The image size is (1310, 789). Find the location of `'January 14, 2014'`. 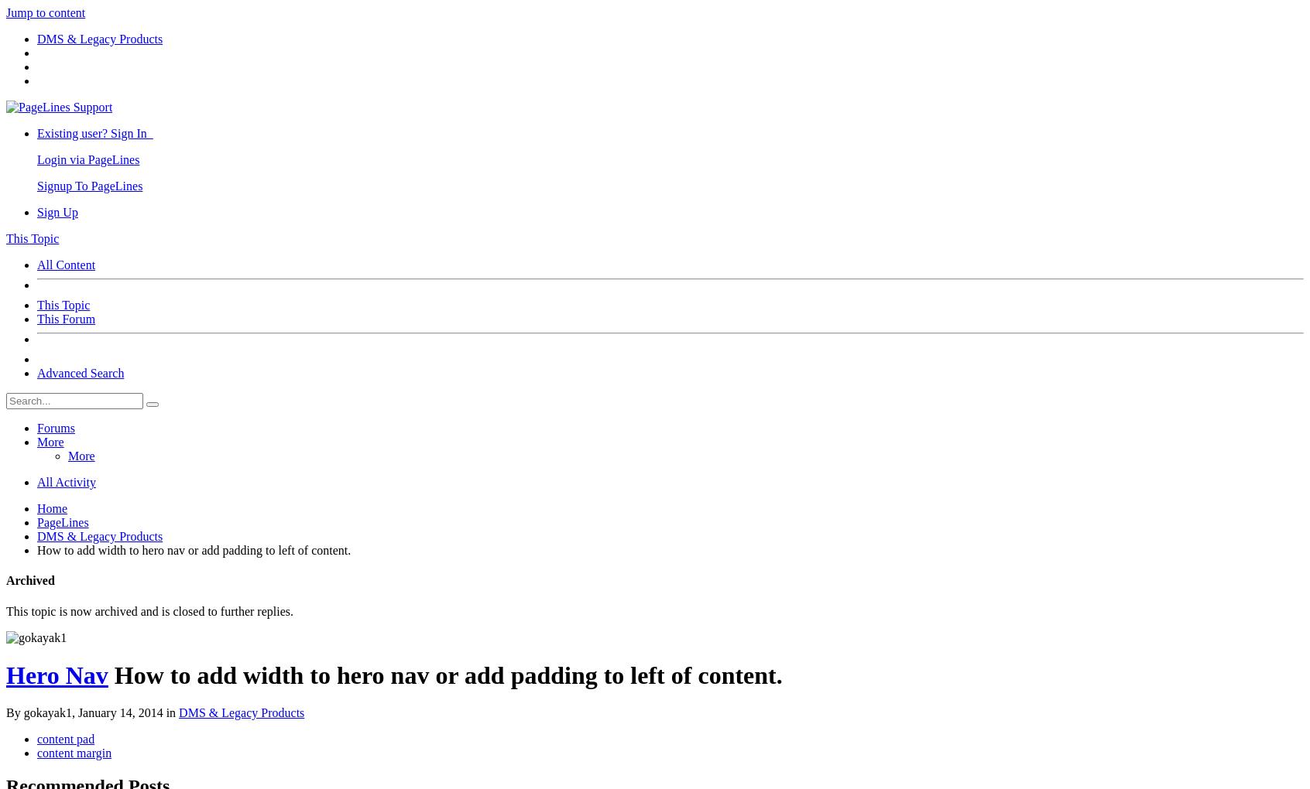

'January 14, 2014' is located at coordinates (118, 712).